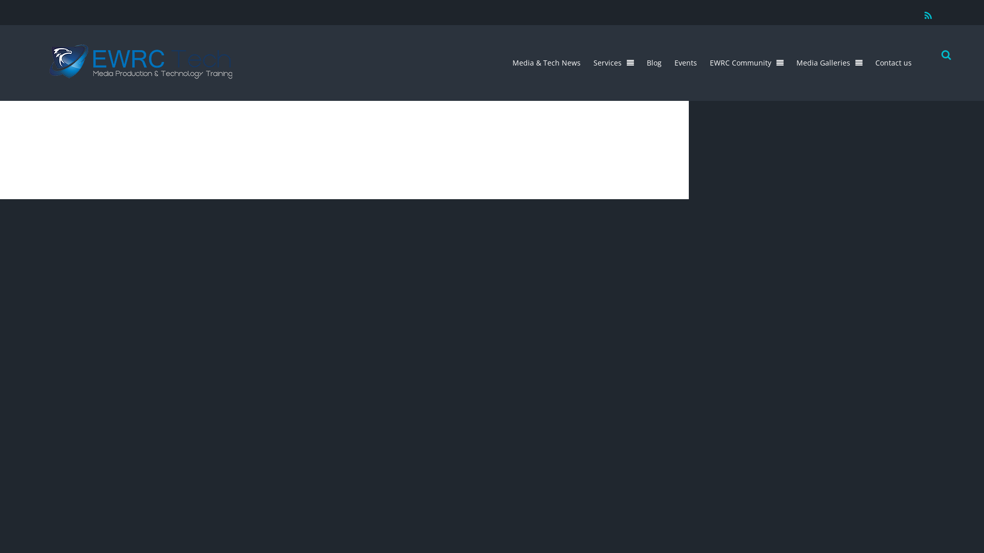  I want to click on 'EWRC Technology - Produce & Train', so click(140, 73).